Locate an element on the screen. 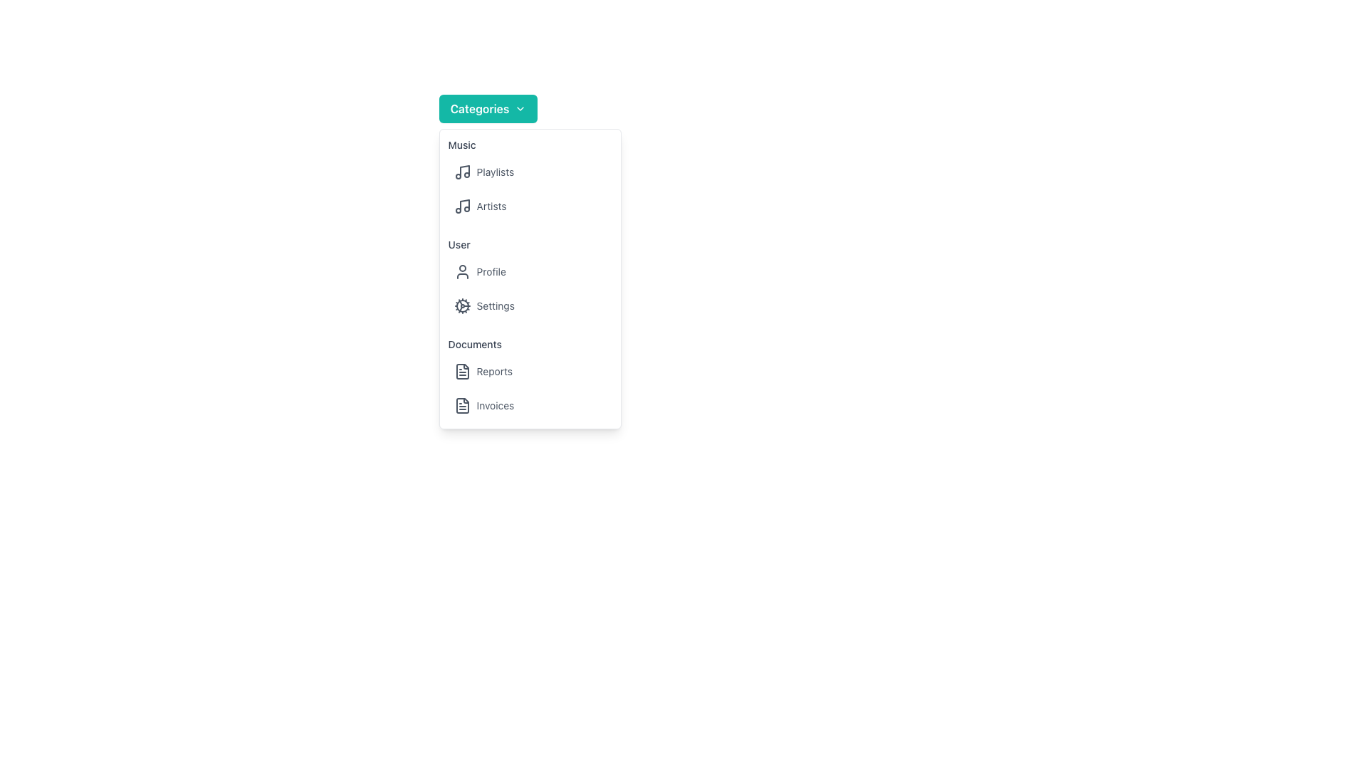 This screenshot has width=1367, height=769. the 'Settings' button located in the 'User' category of the 'Categories' dropdown menu is located at coordinates (529, 305).